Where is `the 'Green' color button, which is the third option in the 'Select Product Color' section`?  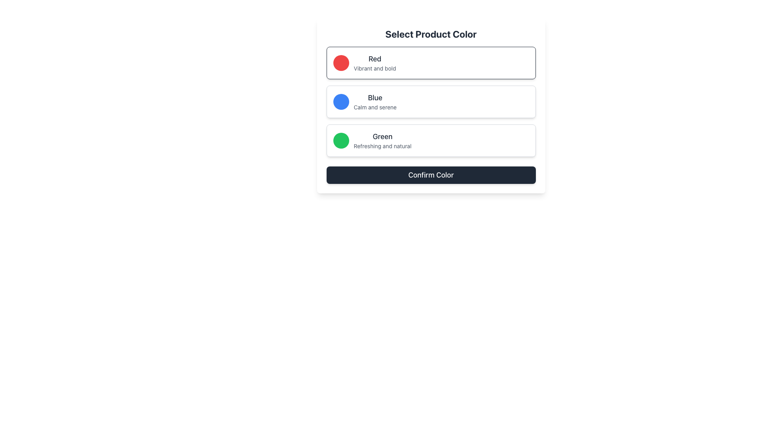 the 'Green' color button, which is the third option in the 'Select Product Color' section is located at coordinates (430, 140).